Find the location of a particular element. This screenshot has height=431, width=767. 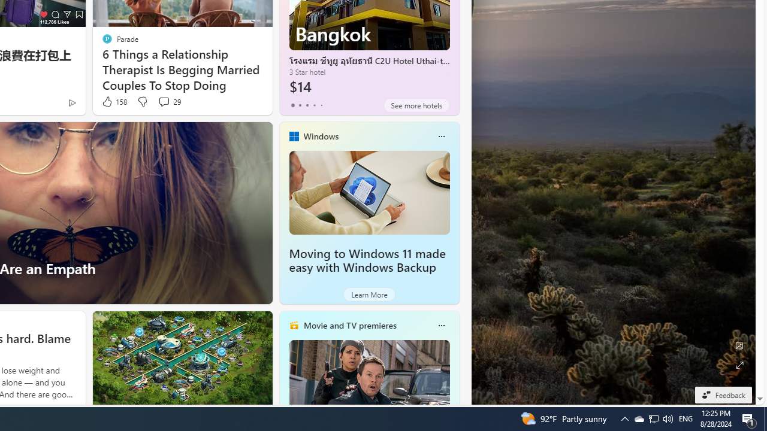

'Movie and TV premieres' is located at coordinates (349, 325).